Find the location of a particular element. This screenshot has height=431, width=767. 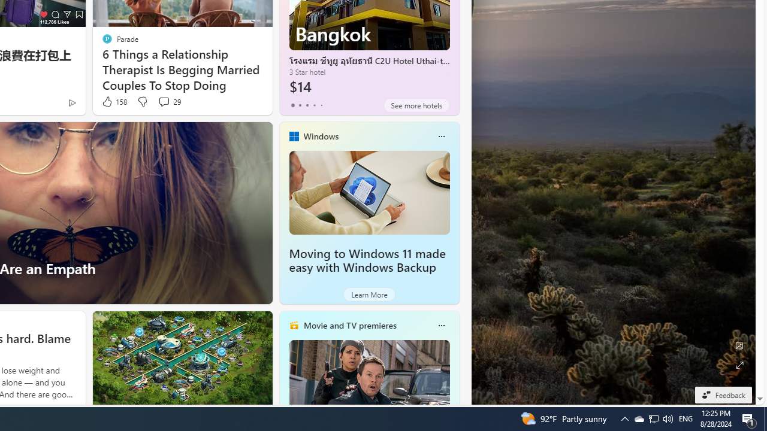

'Movie and TV premieres' is located at coordinates (349, 325).